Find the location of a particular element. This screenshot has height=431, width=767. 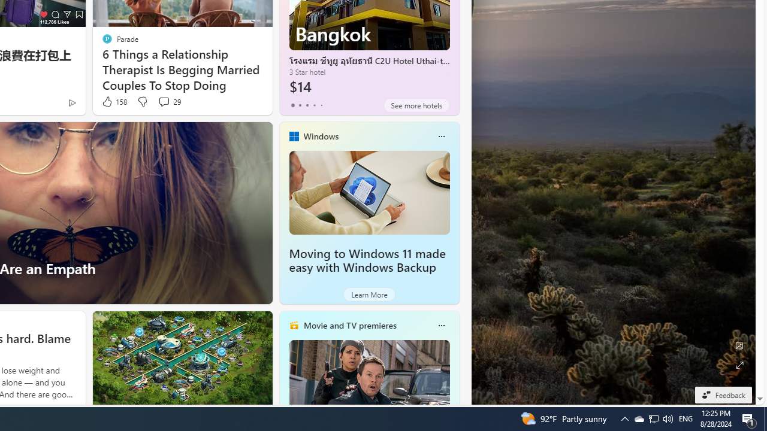

'Movie and TV premieres' is located at coordinates (349, 325).